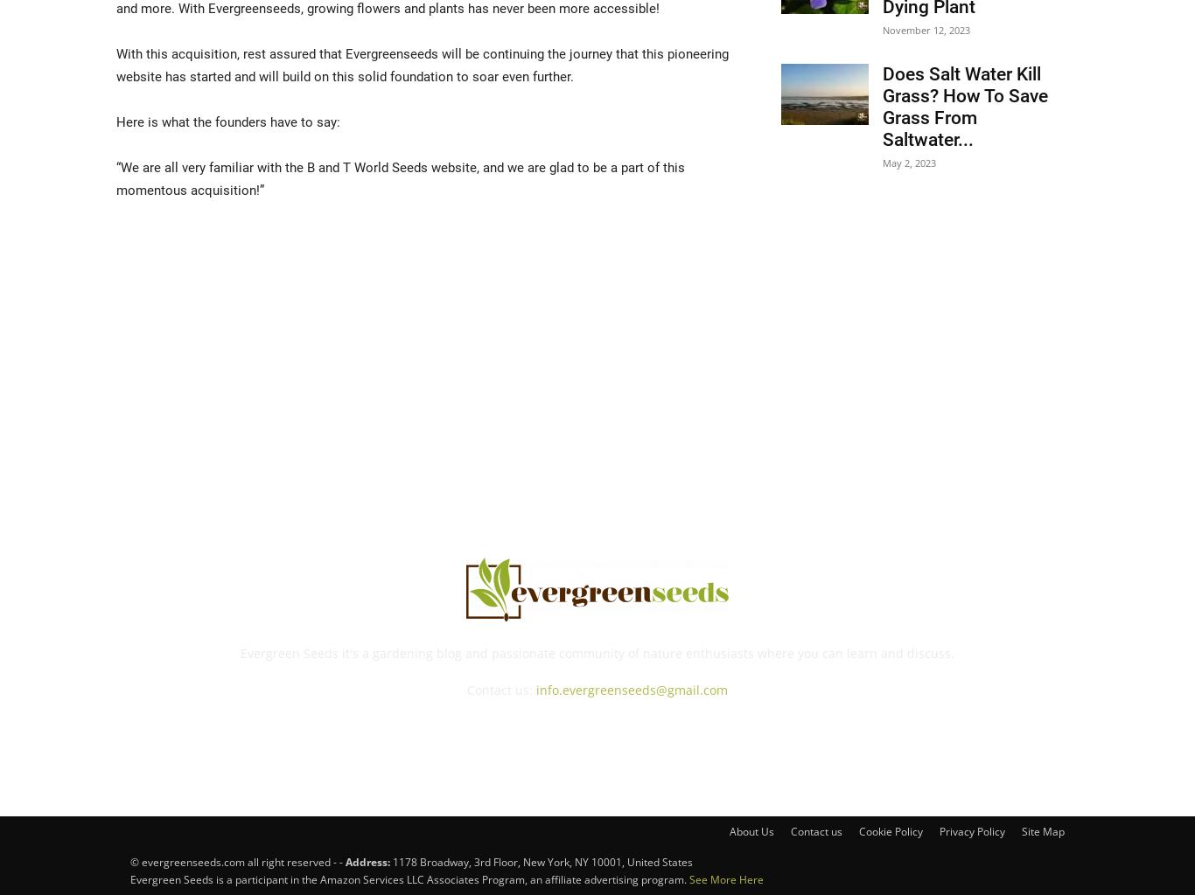 Image resolution: width=1195 pixels, height=895 pixels. I want to click on '© evergreenseeds.com all right reserved - -', so click(129, 861).